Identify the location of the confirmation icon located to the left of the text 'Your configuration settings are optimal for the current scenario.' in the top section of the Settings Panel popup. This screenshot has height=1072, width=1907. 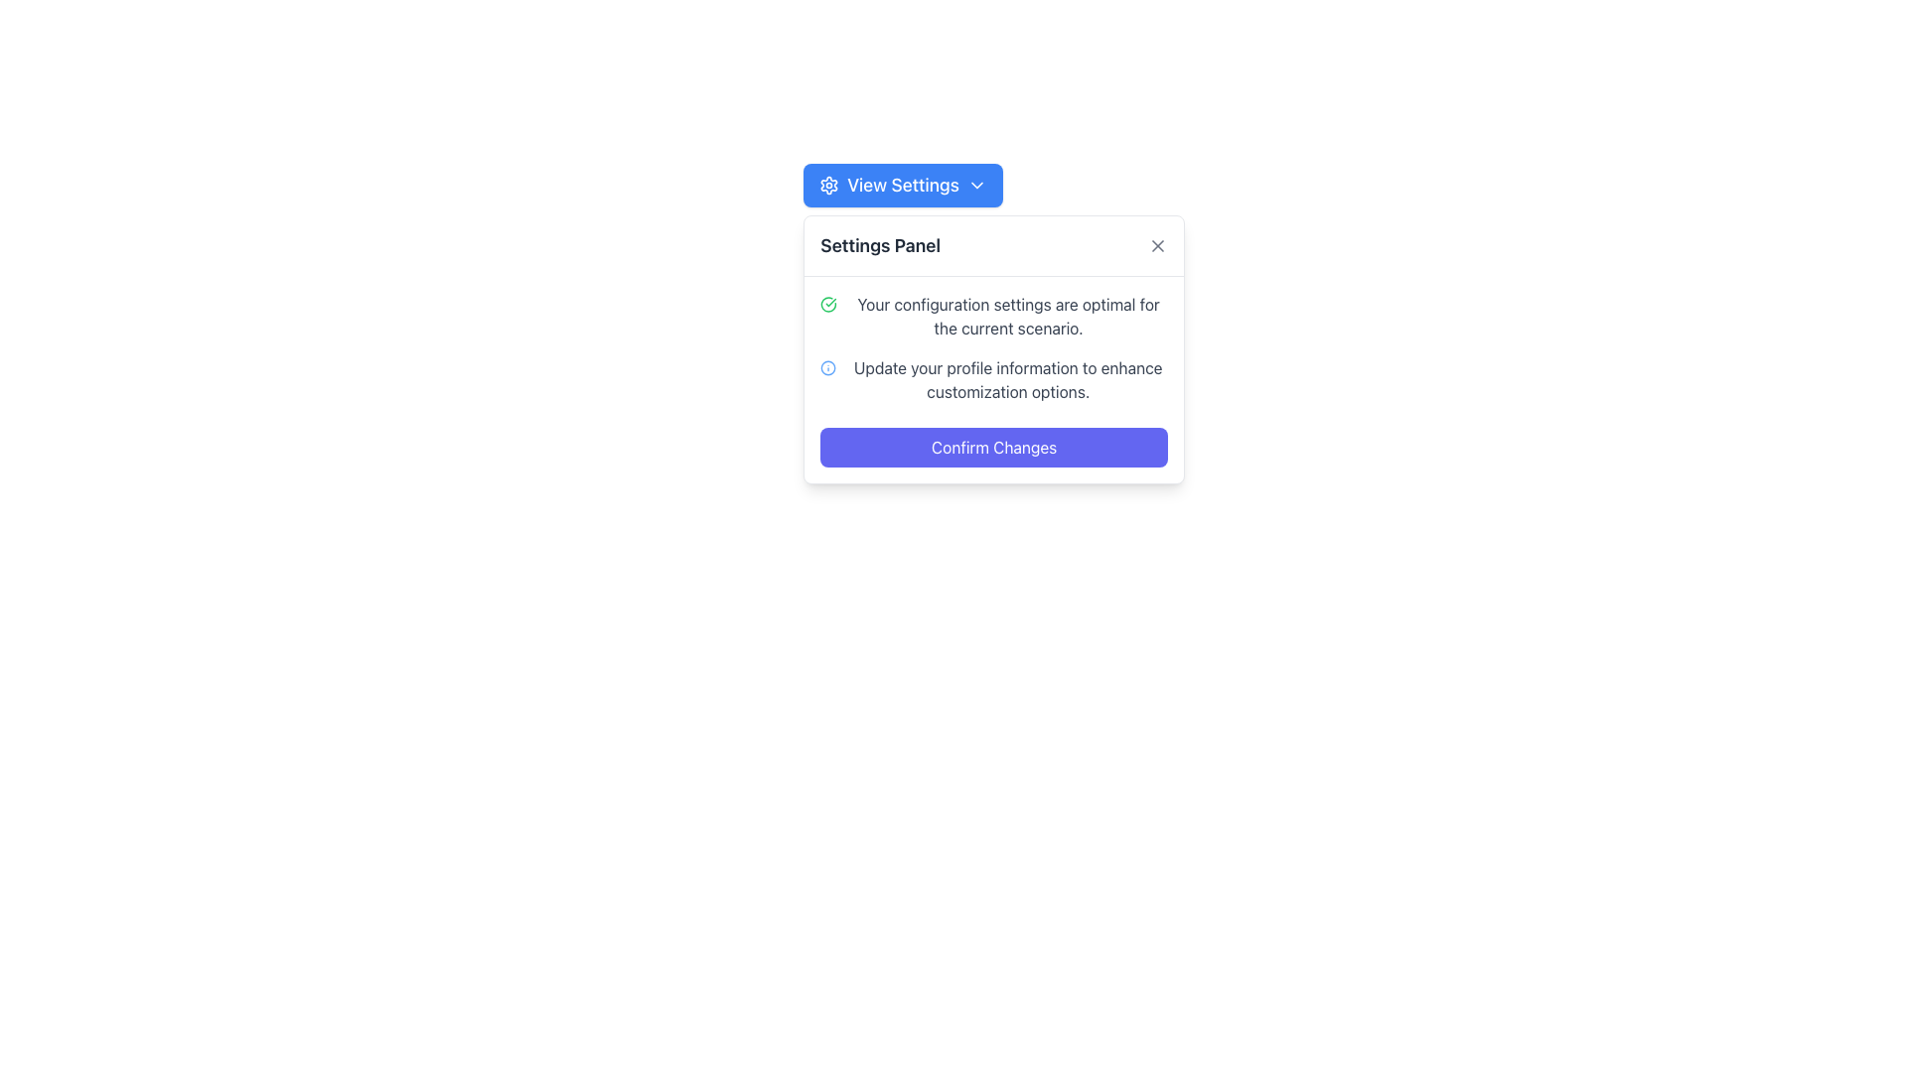
(828, 305).